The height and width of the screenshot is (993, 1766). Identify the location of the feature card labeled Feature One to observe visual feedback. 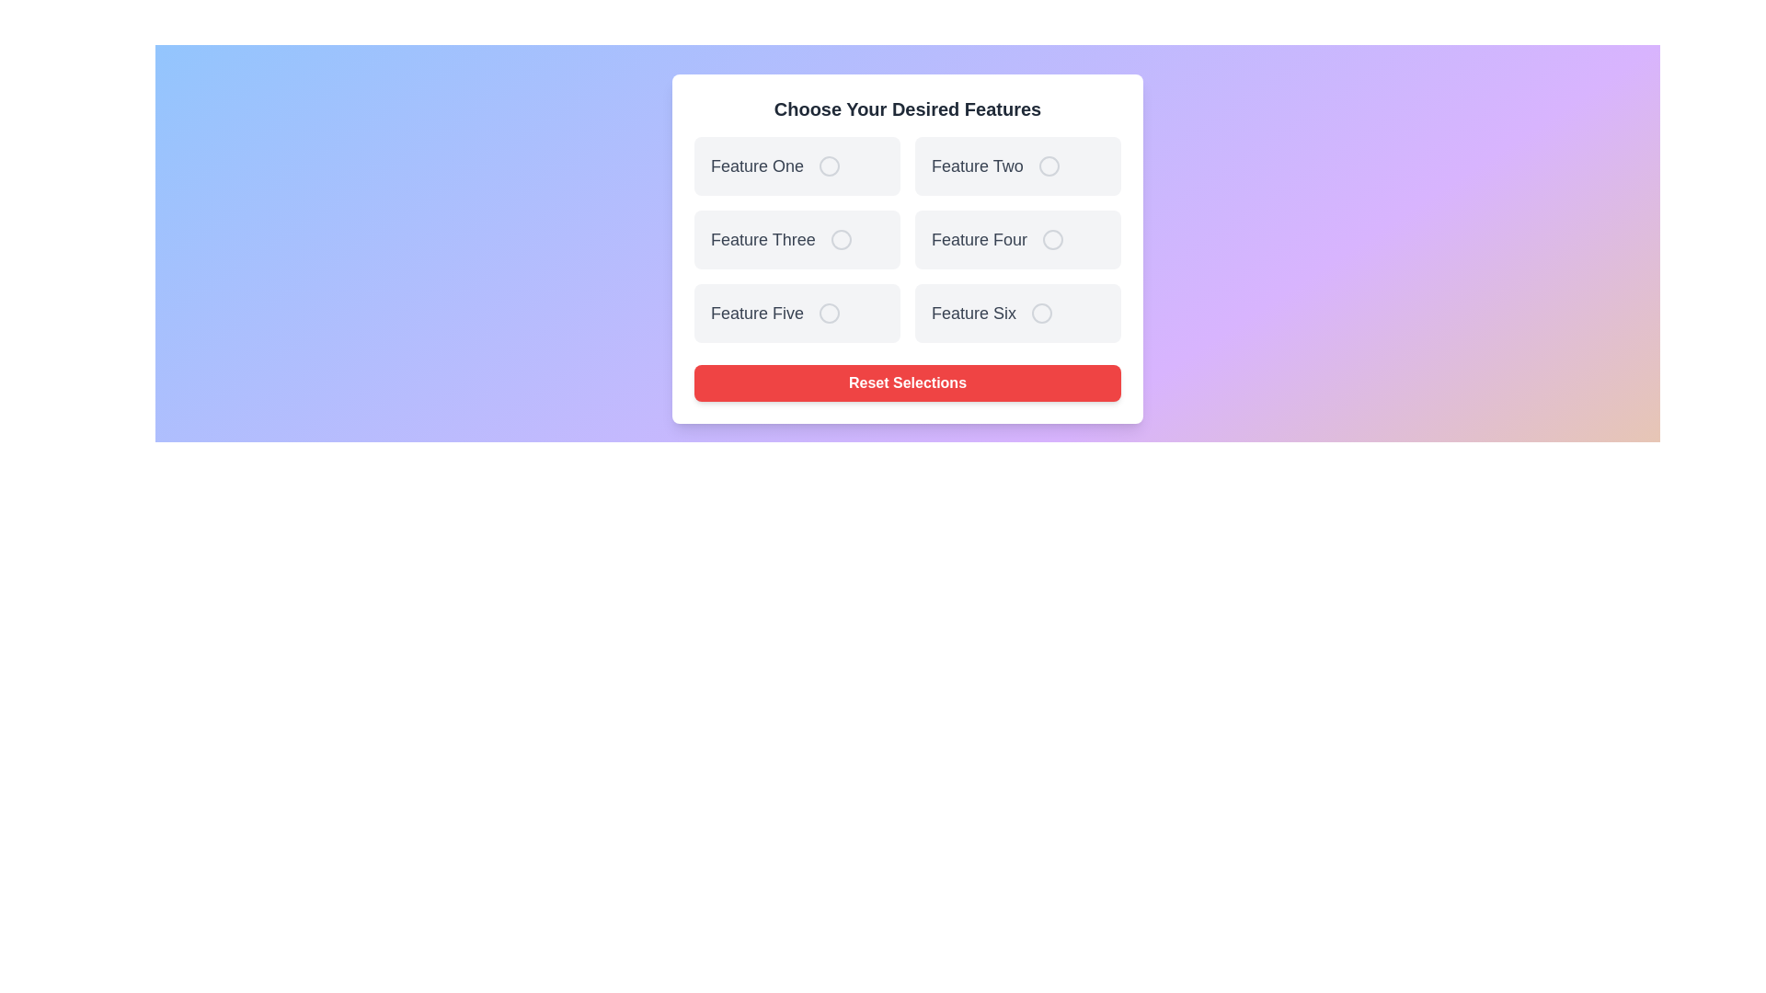
(797, 166).